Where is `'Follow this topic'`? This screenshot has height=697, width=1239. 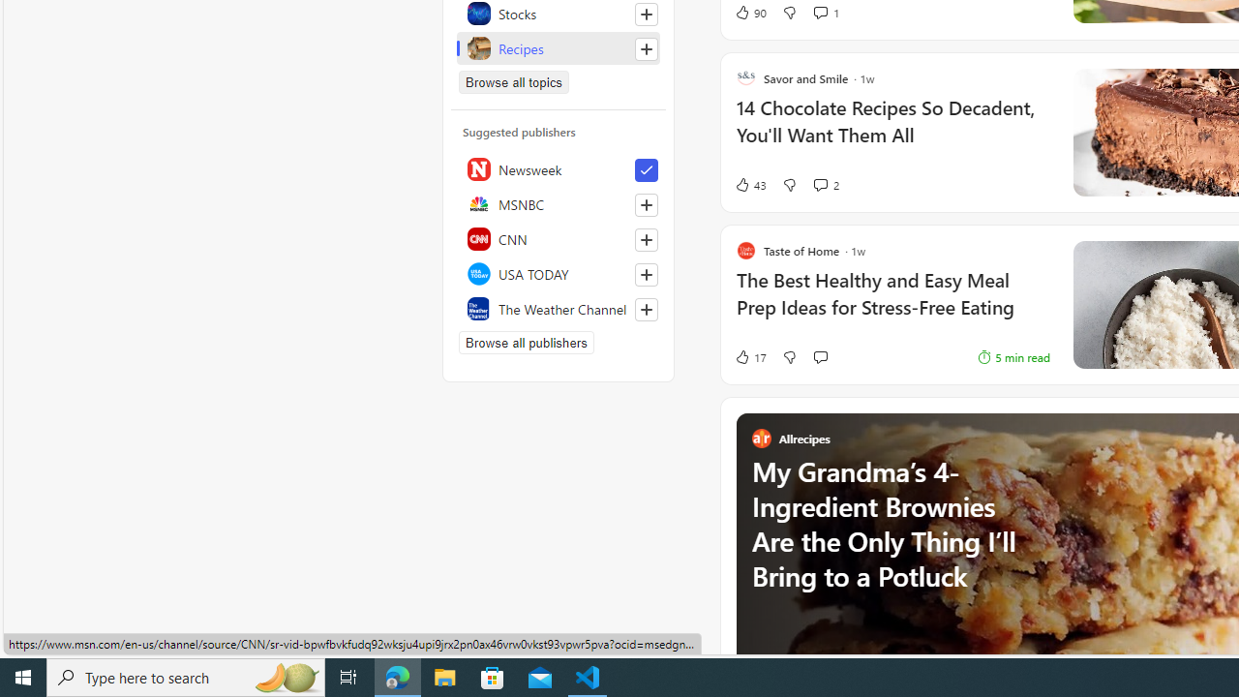
'Follow this topic' is located at coordinates (647, 47).